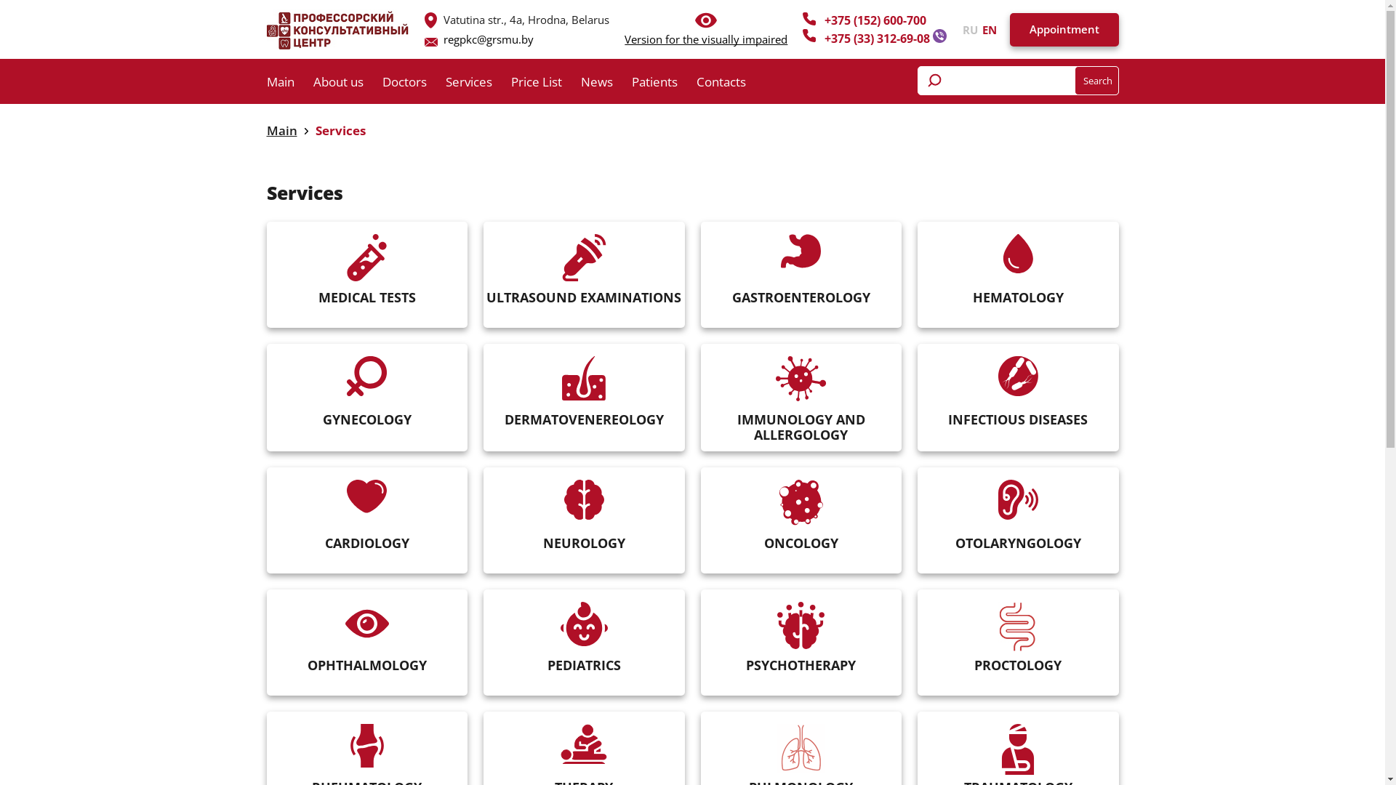 This screenshot has width=1396, height=785. I want to click on 'OPHTHALMOLOGY', so click(367, 642).